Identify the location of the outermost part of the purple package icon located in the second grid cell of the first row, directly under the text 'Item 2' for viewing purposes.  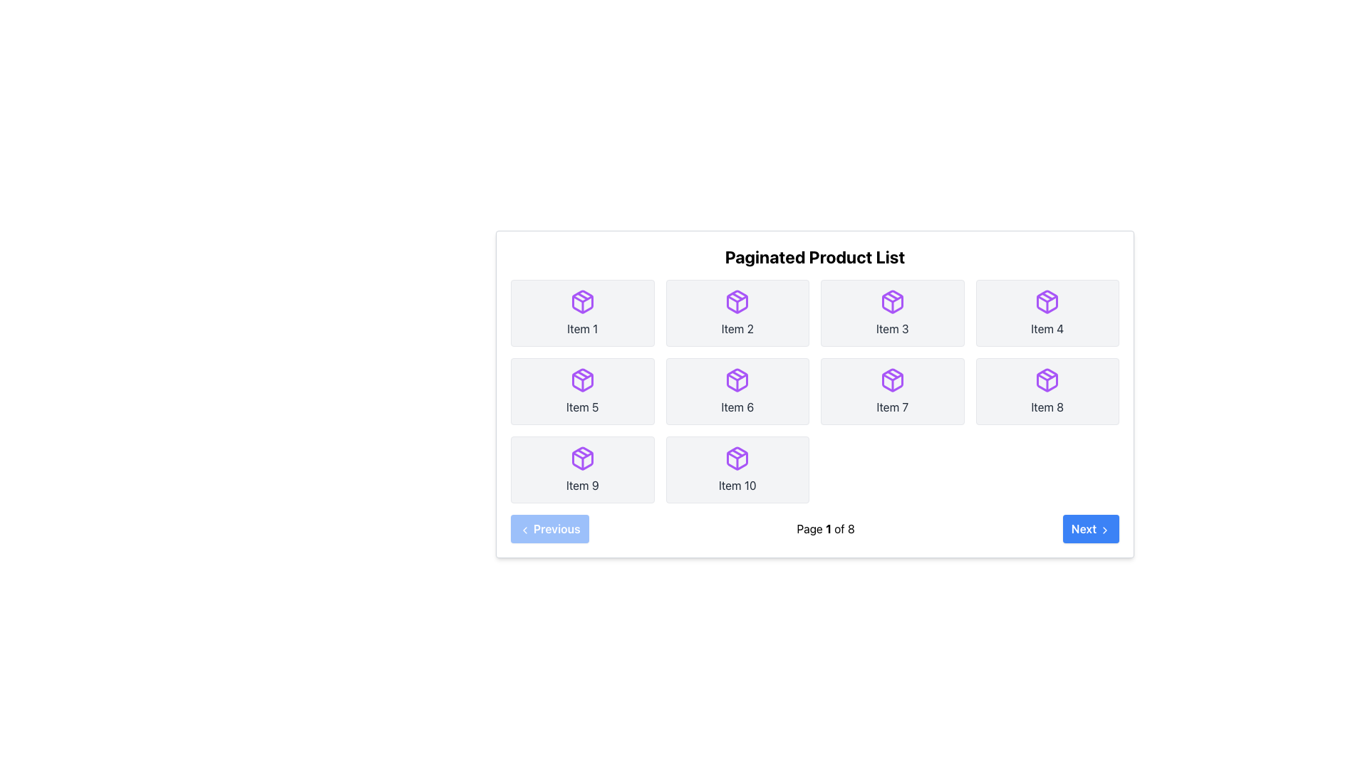
(737, 301).